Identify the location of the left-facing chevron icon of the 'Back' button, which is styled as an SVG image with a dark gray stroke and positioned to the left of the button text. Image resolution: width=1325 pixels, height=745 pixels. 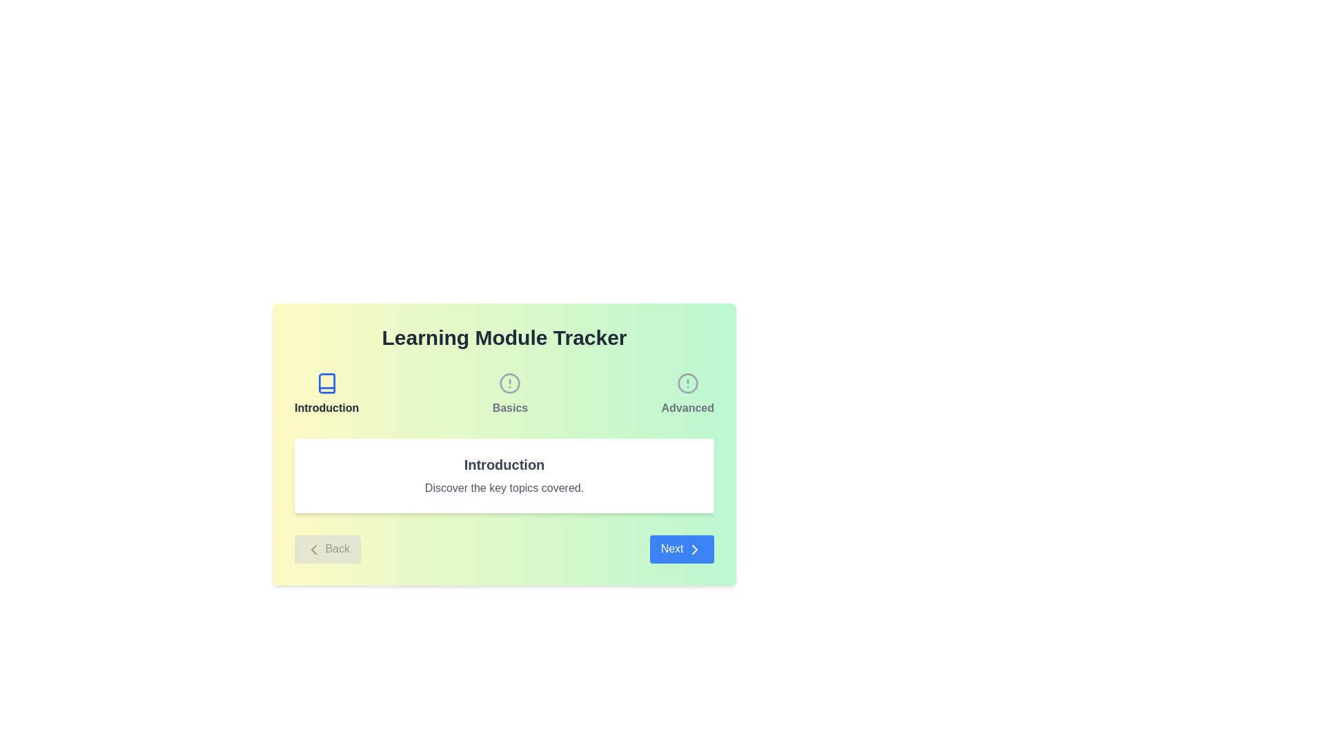
(313, 548).